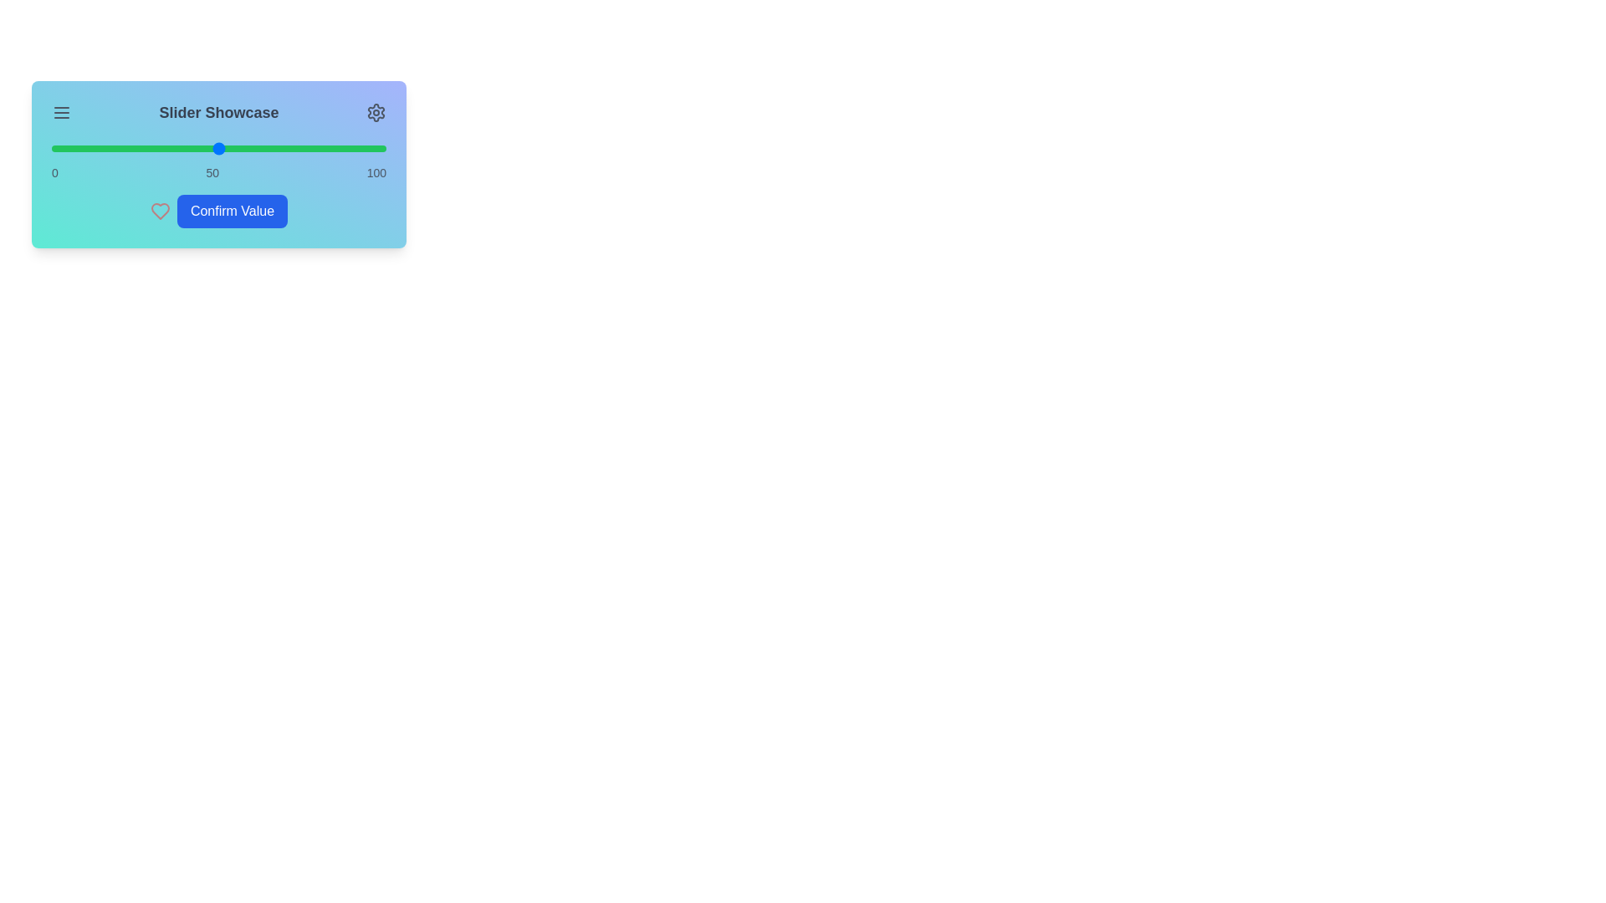 This screenshot has width=1606, height=903. I want to click on the 'Confirm Value' button to confirm the current slider value, so click(232, 211).